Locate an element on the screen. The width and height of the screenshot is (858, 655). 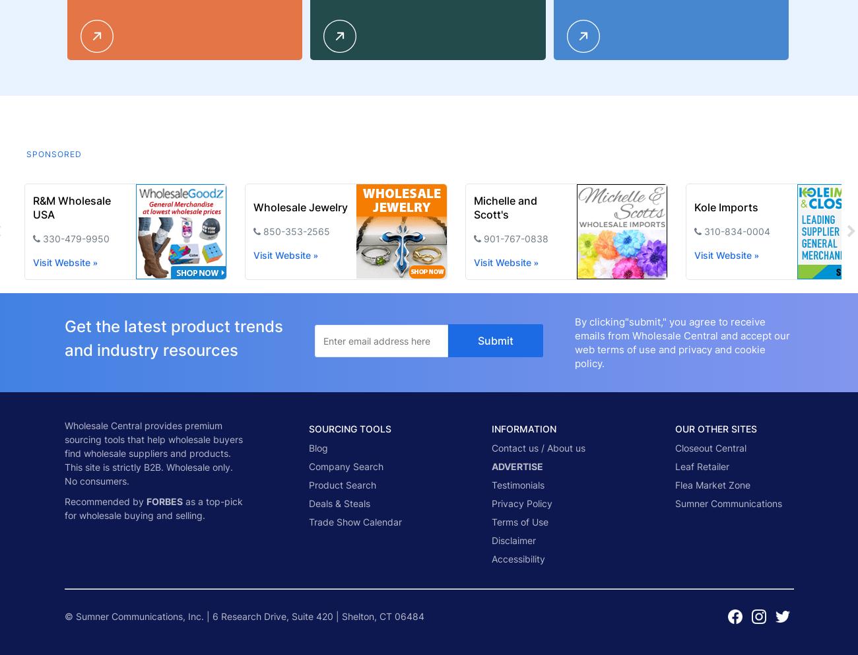
'as a top-pick for wholesale buying and selling.' is located at coordinates (152, 506).